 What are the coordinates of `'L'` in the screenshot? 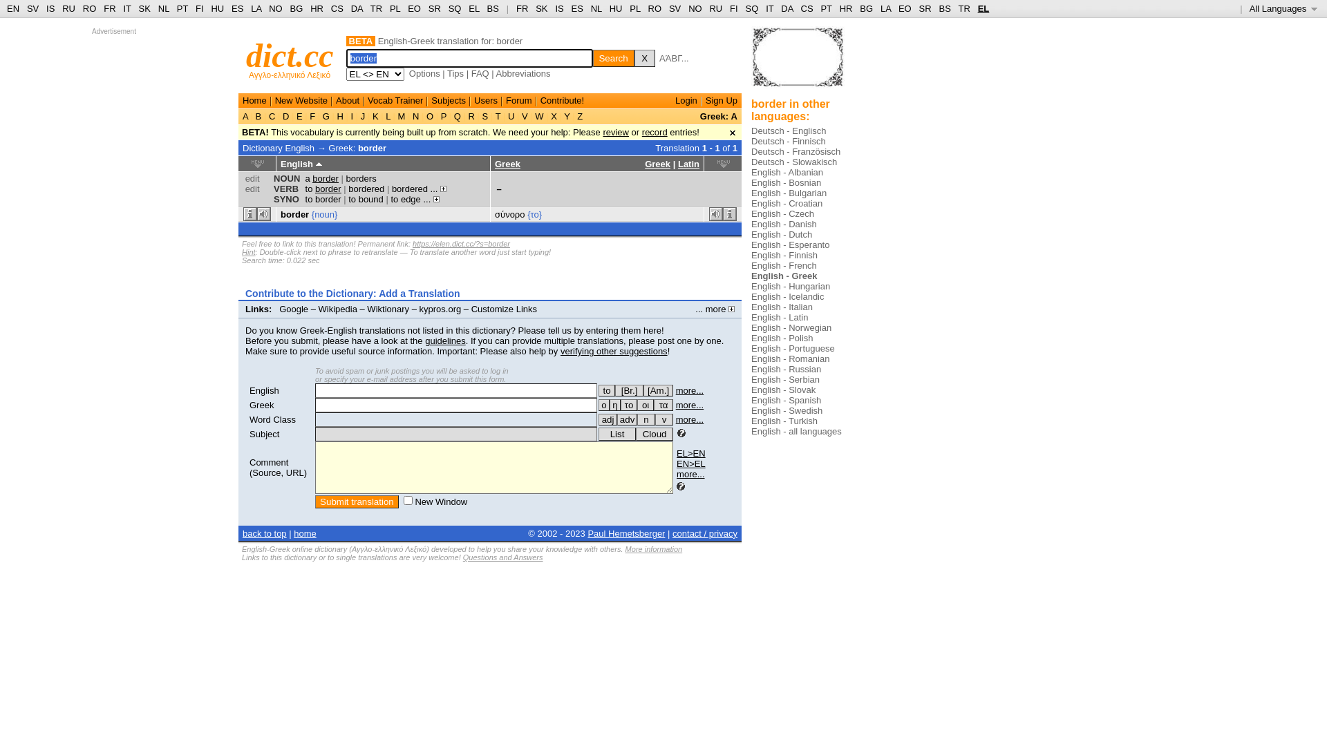 It's located at (387, 115).